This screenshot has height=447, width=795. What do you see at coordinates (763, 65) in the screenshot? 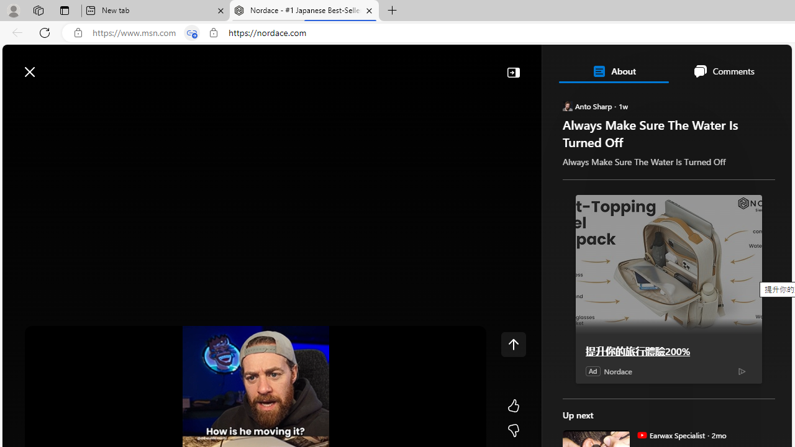
I see `'Open settings'` at bounding box center [763, 65].